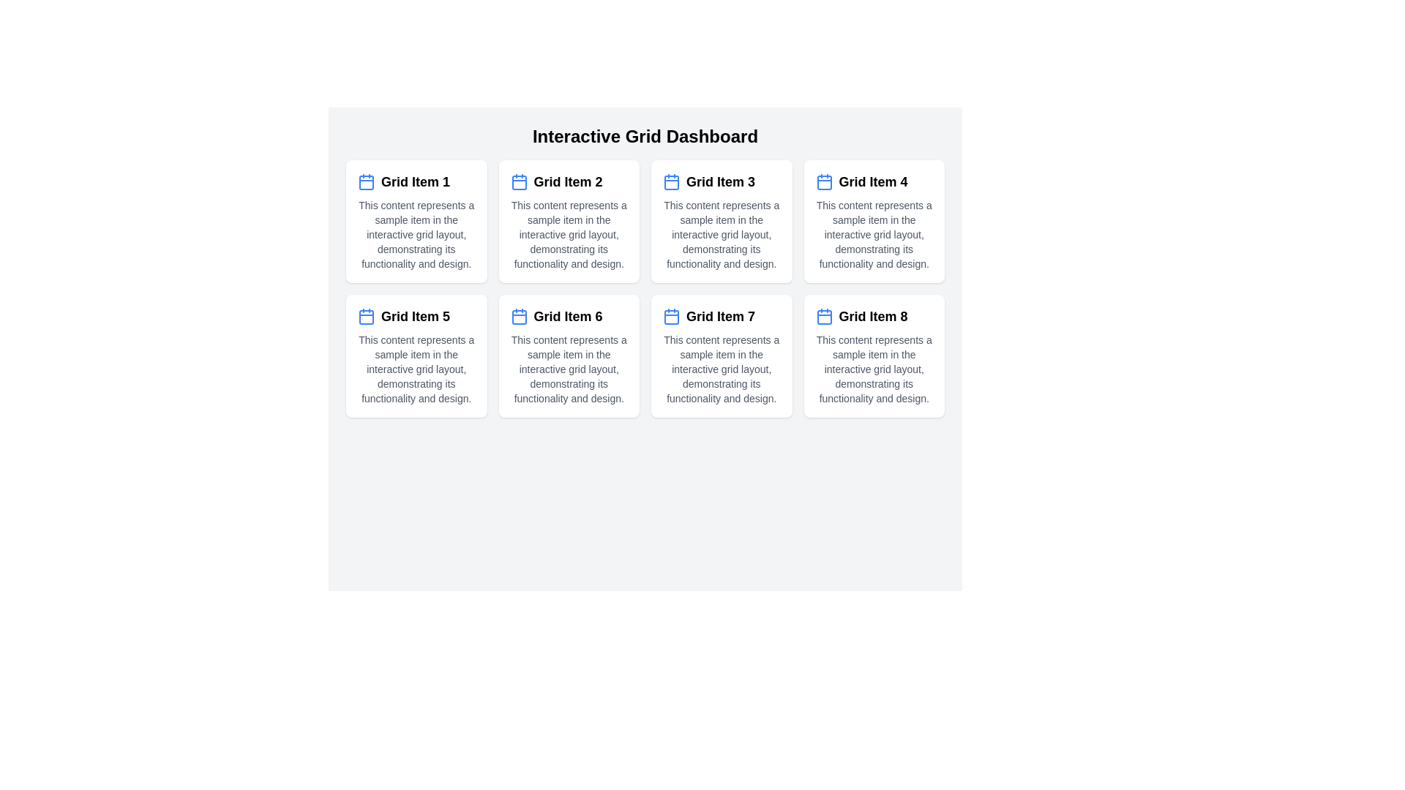 The image size is (1405, 790). Describe the element at coordinates (874, 369) in the screenshot. I see `the text label located in the bottom half of the eighth grid item card, positioned after the header 'Grid Item 8'` at that location.